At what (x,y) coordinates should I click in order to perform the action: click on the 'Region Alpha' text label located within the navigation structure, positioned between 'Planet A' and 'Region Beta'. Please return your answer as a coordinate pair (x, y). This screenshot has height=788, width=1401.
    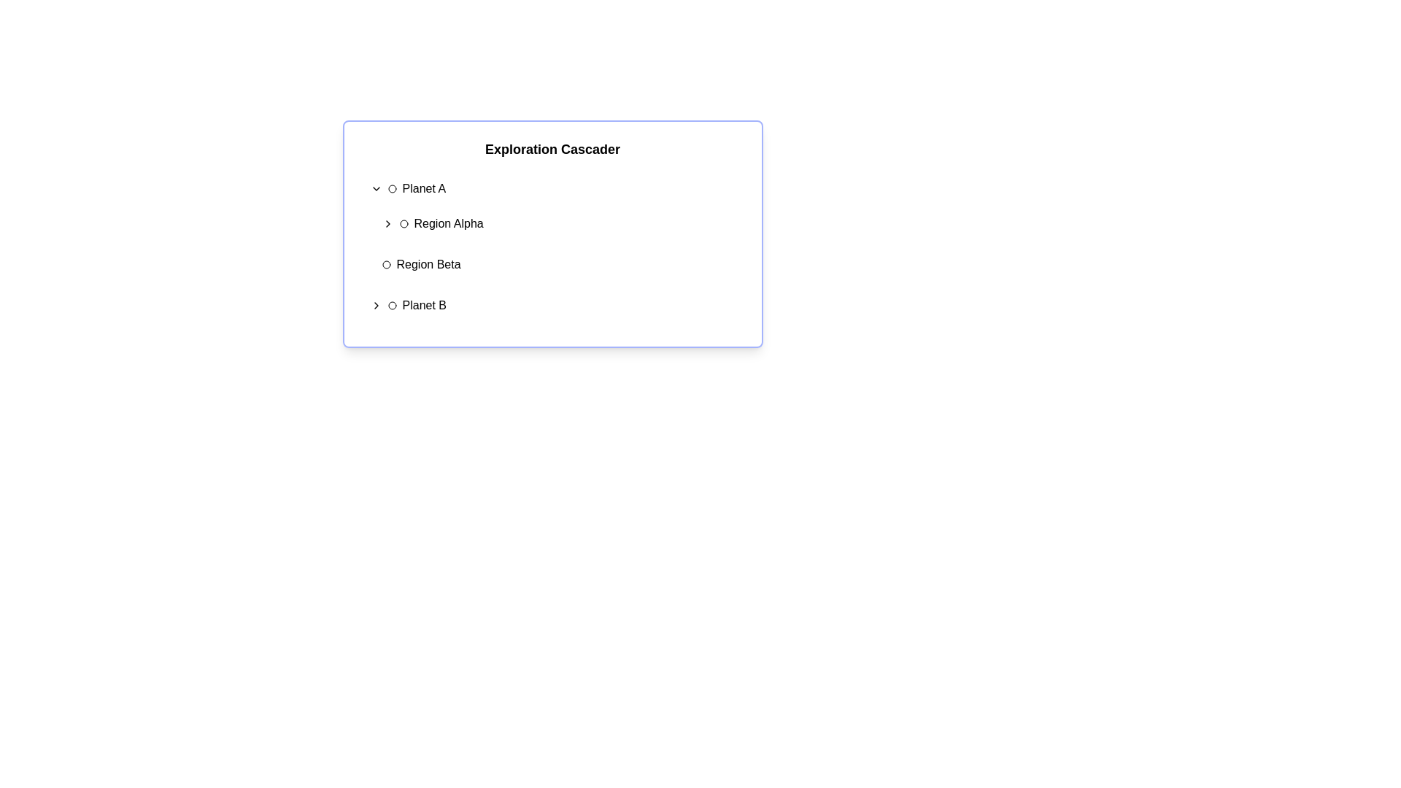
    Looking at the image, I should click on (448, 224).